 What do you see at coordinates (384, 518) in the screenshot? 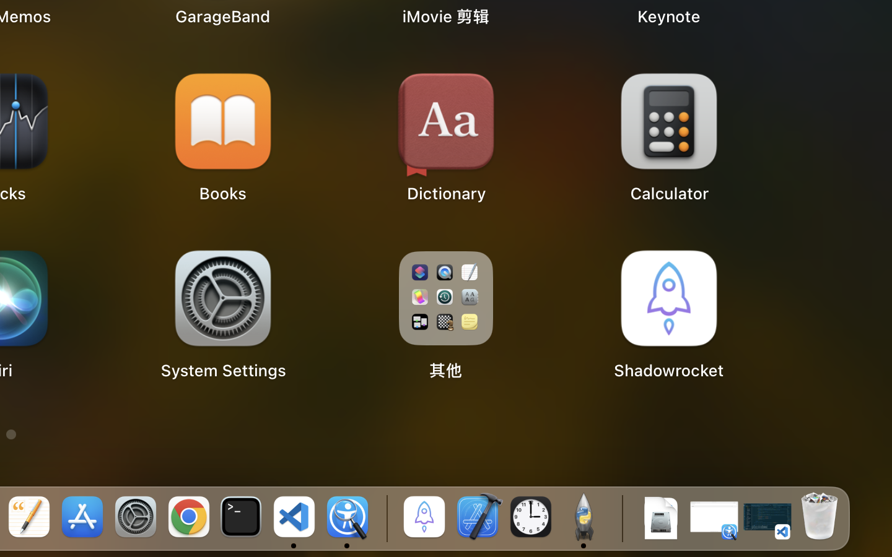
I see `'0.4285714328289032'` at bounding box center [384, 518].